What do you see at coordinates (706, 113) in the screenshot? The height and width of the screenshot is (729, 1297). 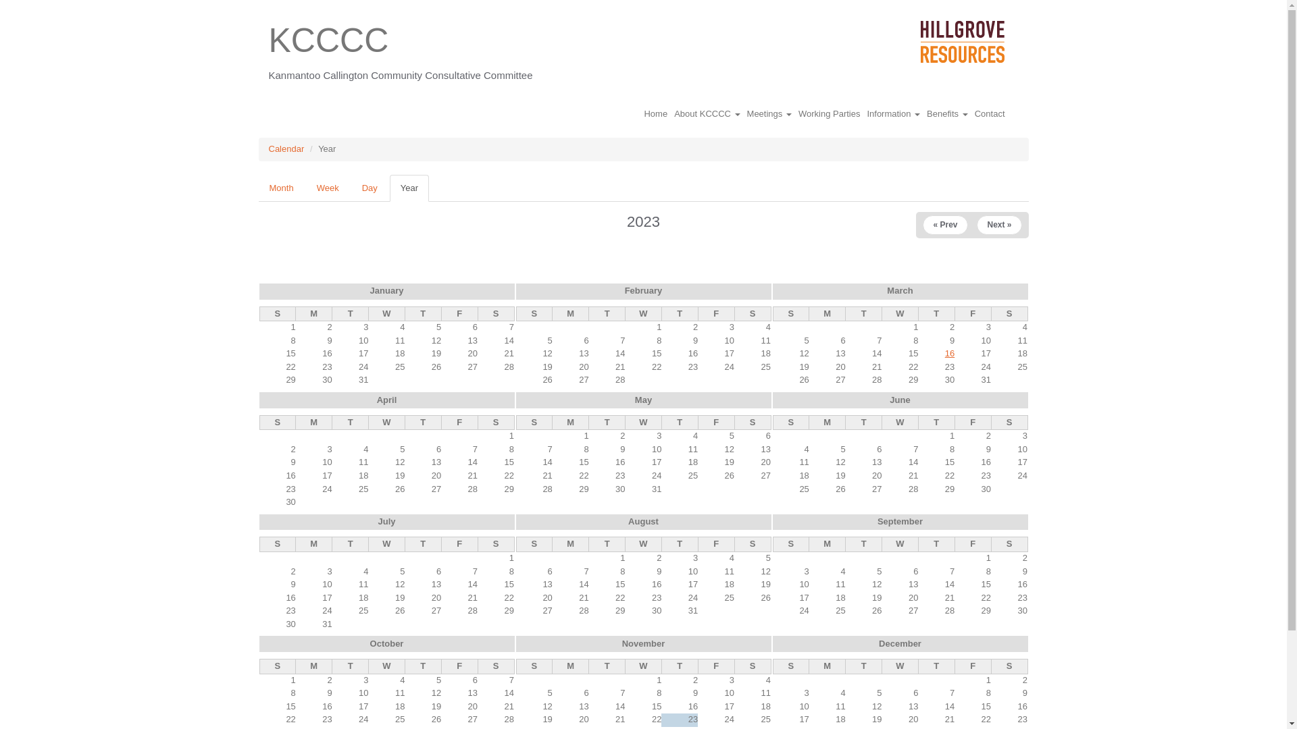 I see `'About KCCCC'` at bounding box center [706, 113].